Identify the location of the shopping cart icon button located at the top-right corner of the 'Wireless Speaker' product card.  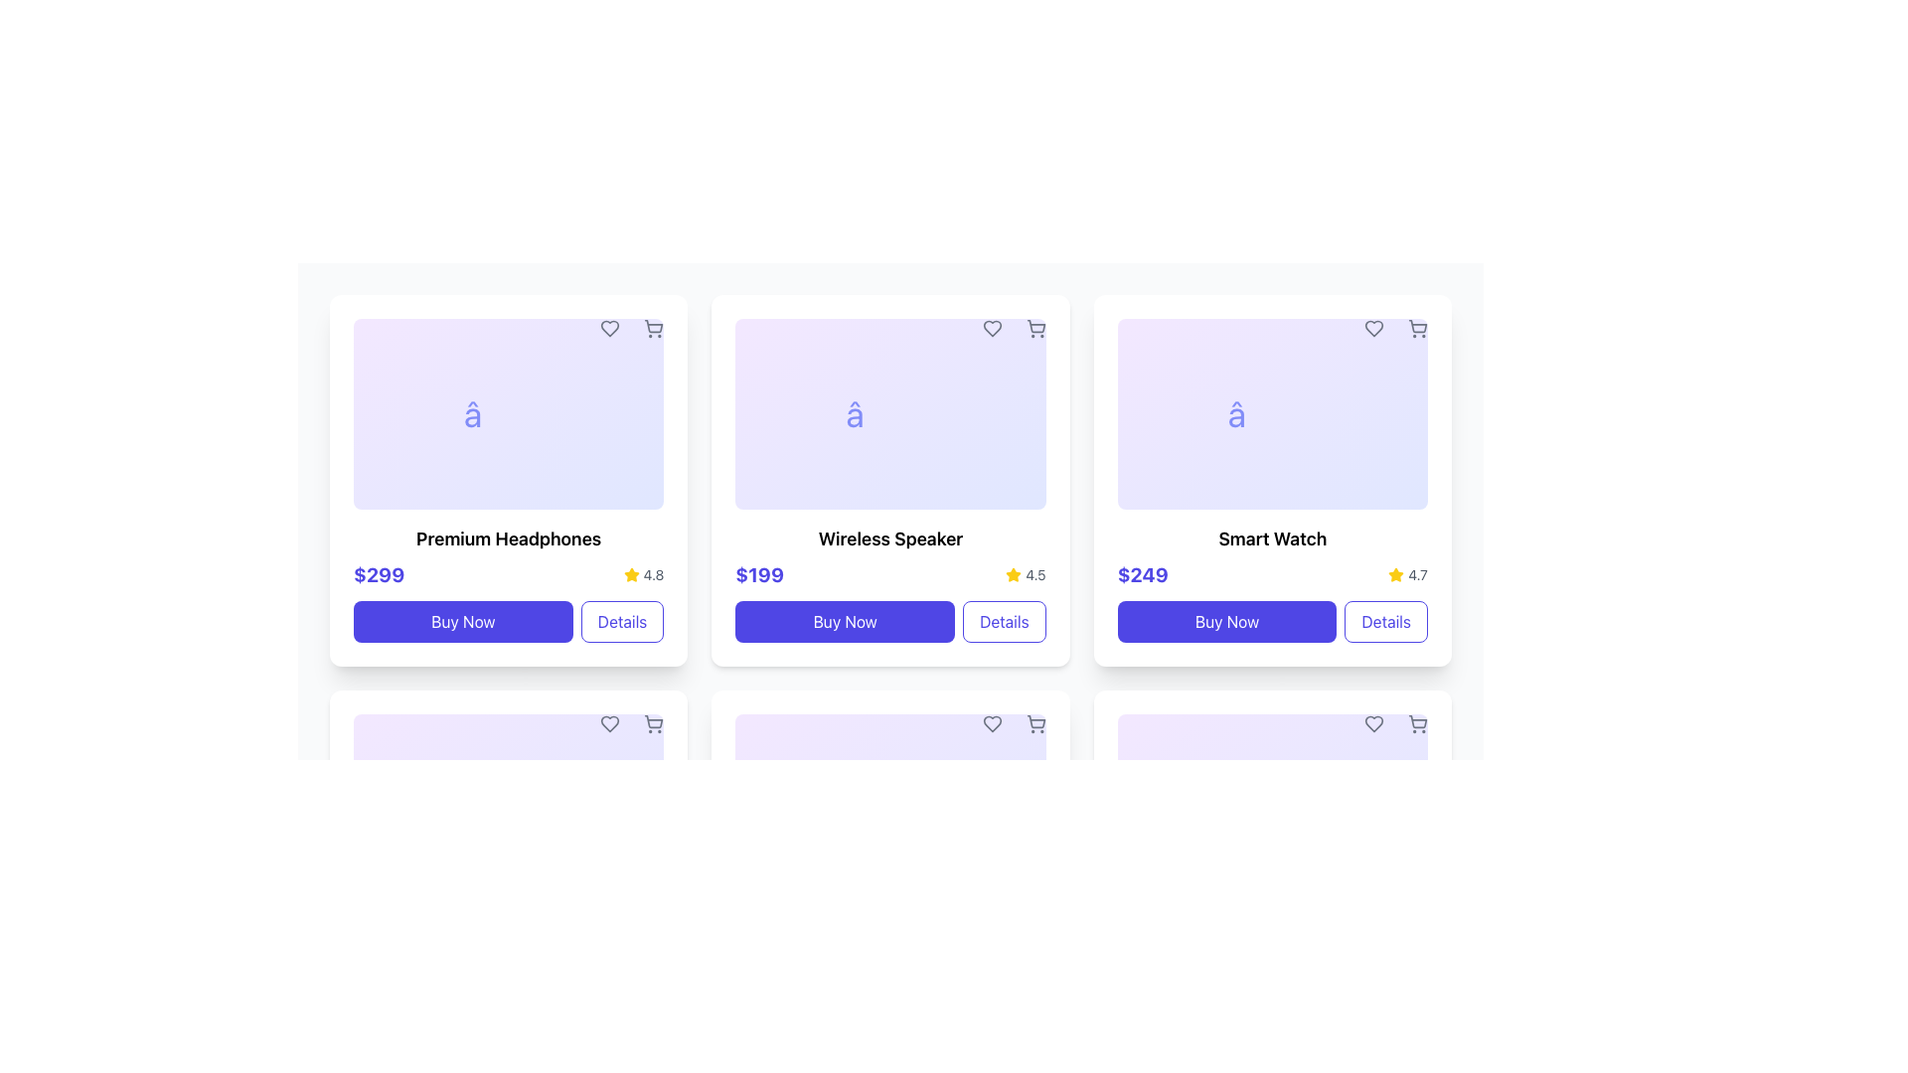
(1034, 724).